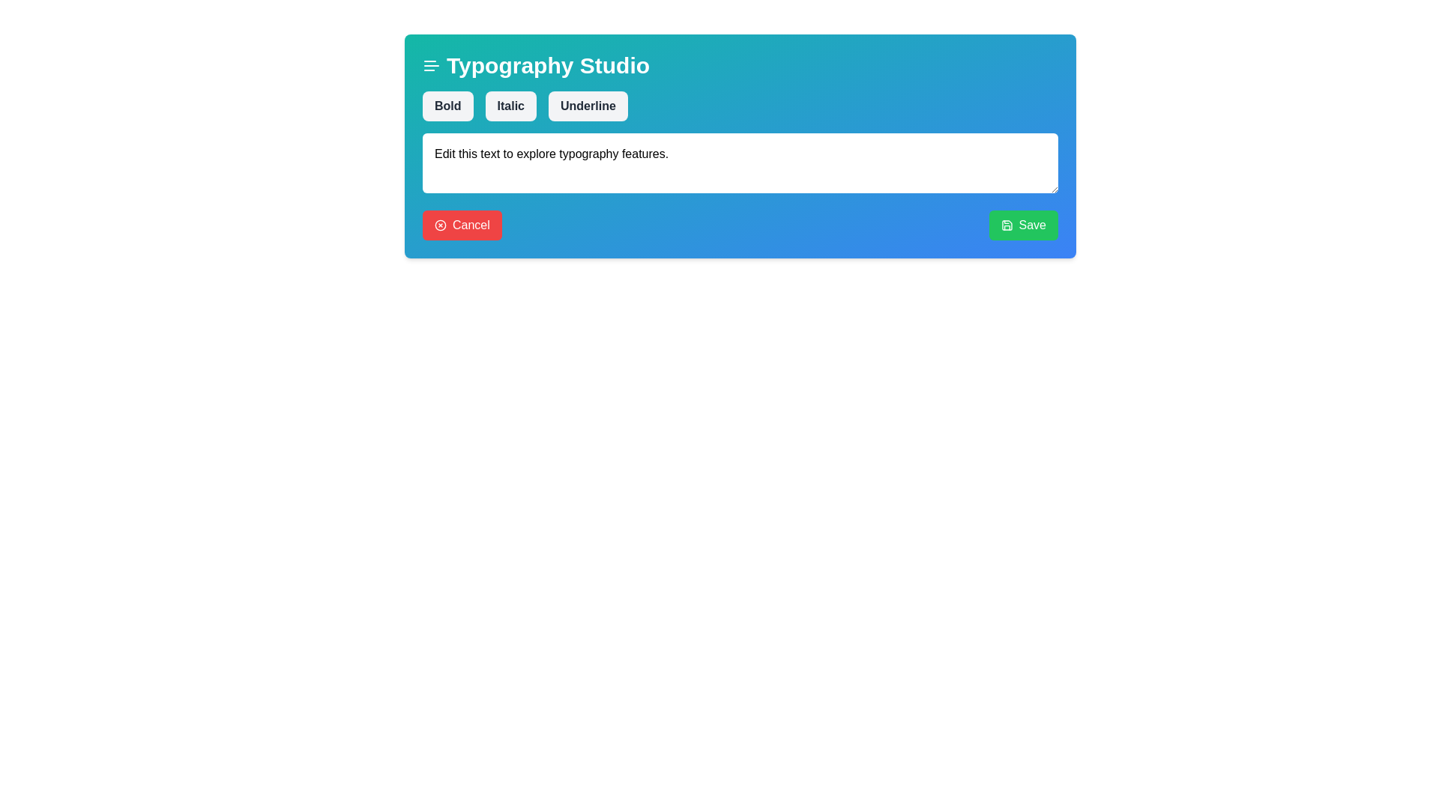 The image size is (1439, 809). I want to click on the second button in the text formatting toolbar, so click(510, 106).